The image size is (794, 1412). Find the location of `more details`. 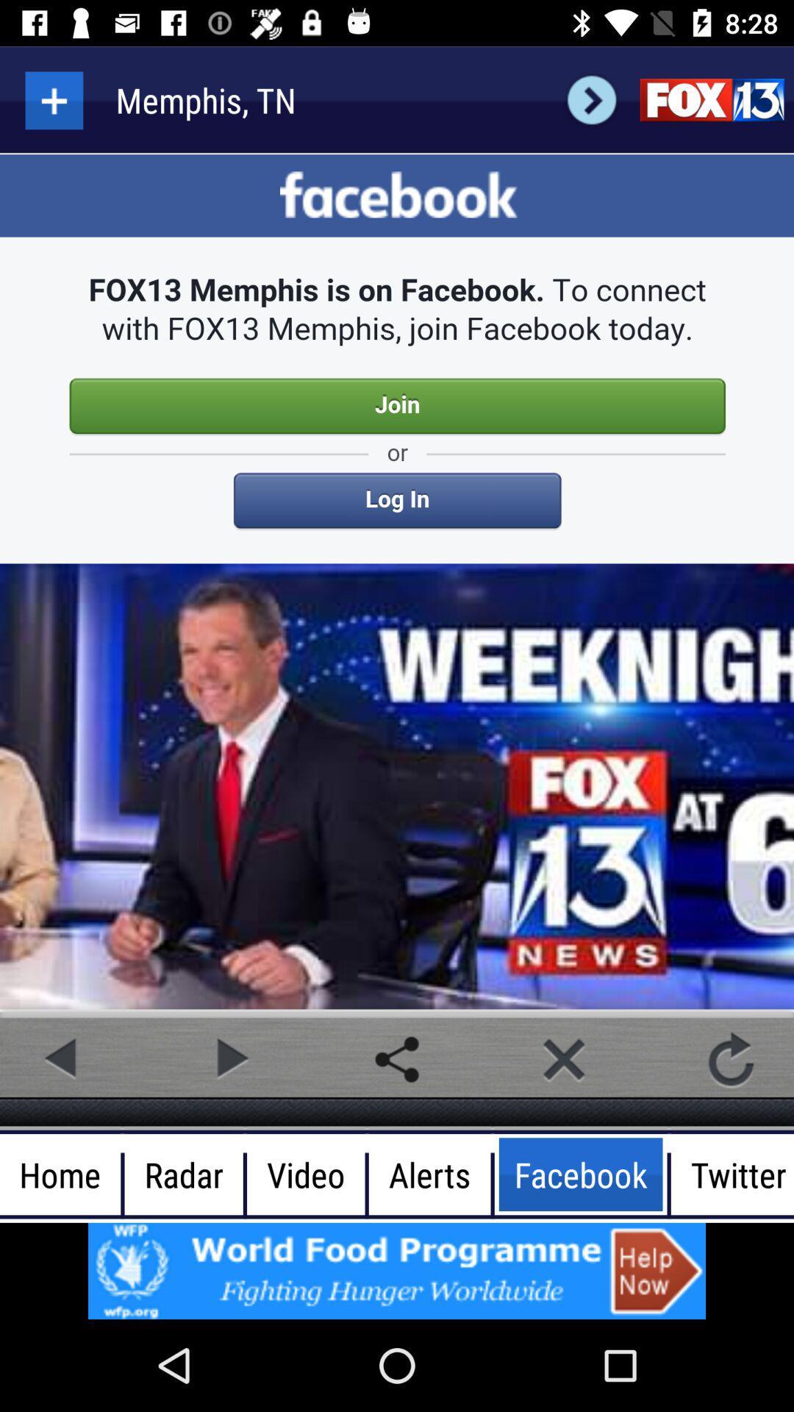

more details is located at coordinates (53, 99).